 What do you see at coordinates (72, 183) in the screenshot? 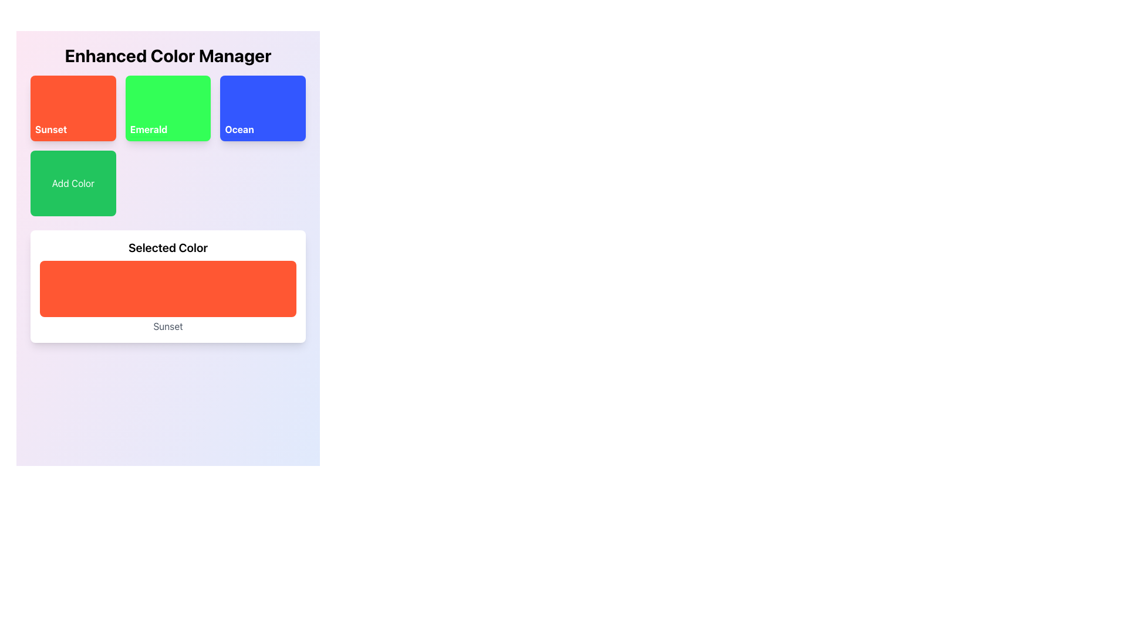
I see `the button located in the first column of the second row of the grid beneath the 'Sunset' box` at bounding box center [72, 183].